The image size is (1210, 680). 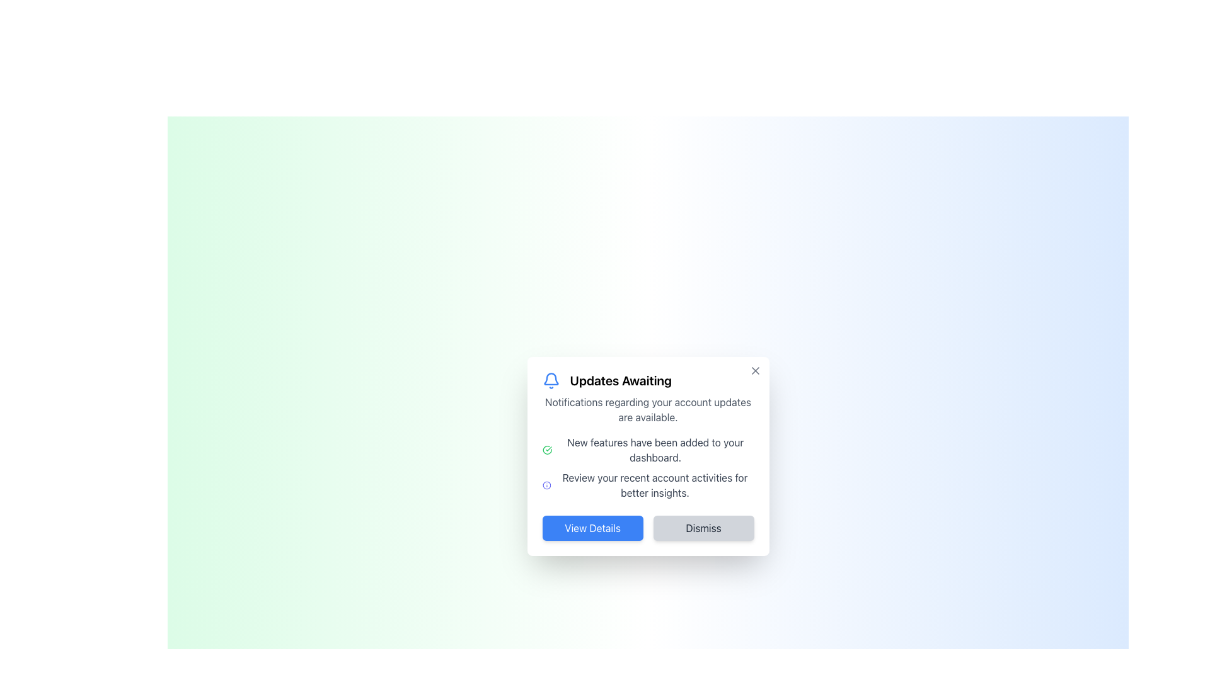 What do you see at coordinates (621, 380) in the screenshot?
I see `text of the heading styled in bold and large font that displays 'Updates Awaiting', located next to the blue notification icon in the top section of a modal-like component` at bounding box center [621, 380].